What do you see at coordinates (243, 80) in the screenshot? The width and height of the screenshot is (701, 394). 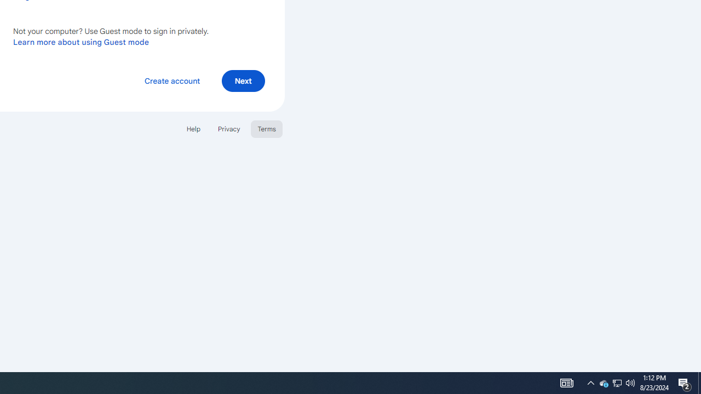 I see `'Next'` at bounding box center [243, 80].